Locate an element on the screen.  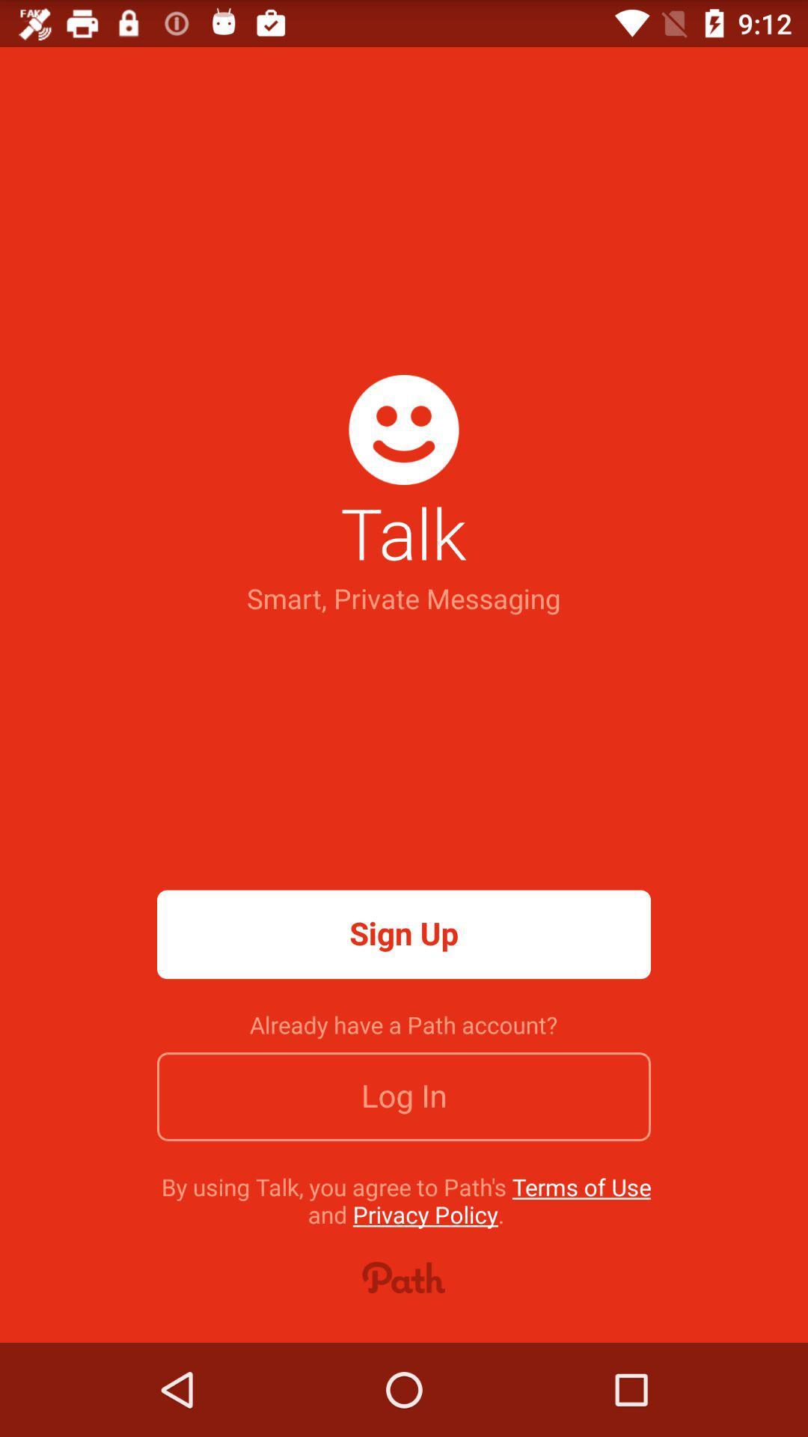
icon above the already have a icon is located at coordinates (404, 933).